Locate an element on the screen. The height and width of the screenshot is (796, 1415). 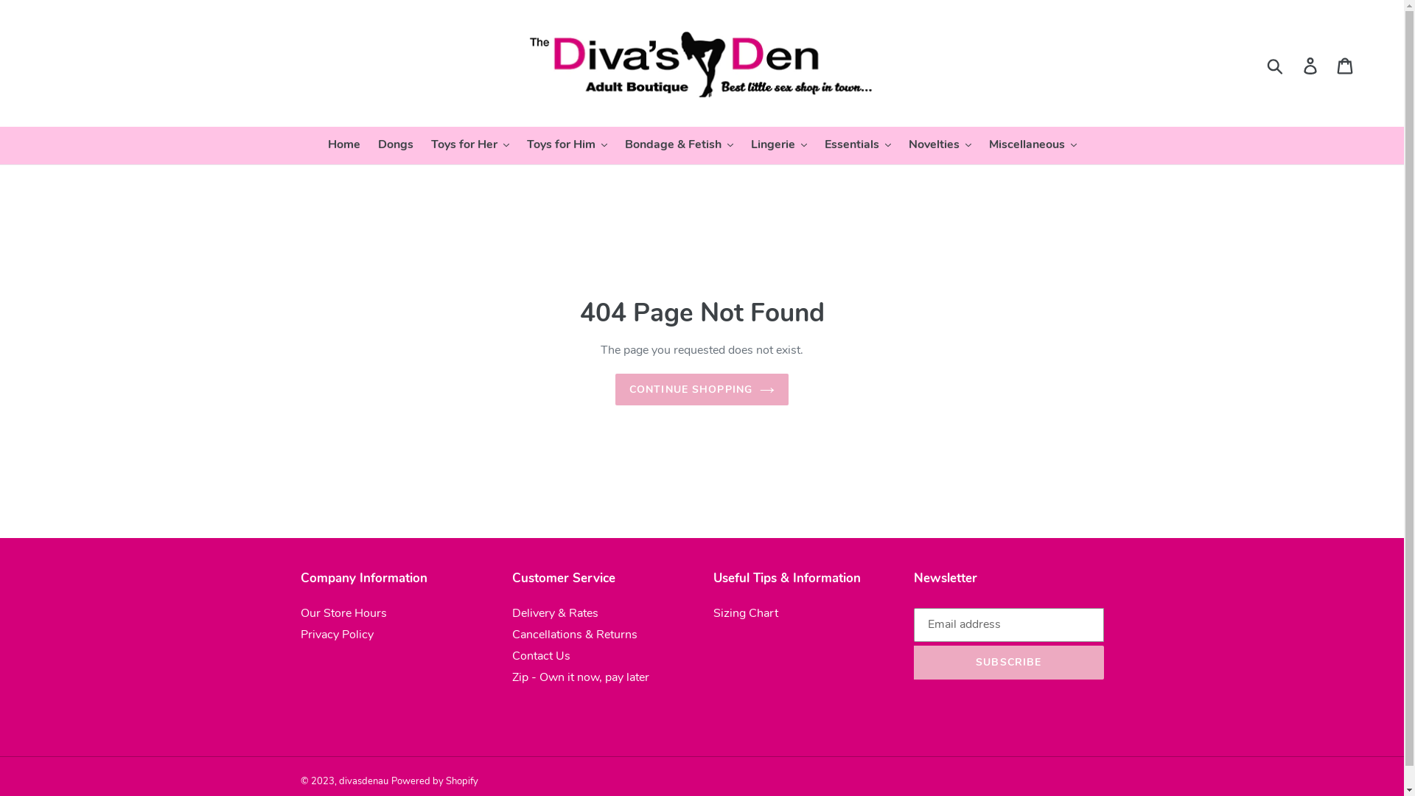
'Cancellations & Returns' is located at coordinates (512, 634).